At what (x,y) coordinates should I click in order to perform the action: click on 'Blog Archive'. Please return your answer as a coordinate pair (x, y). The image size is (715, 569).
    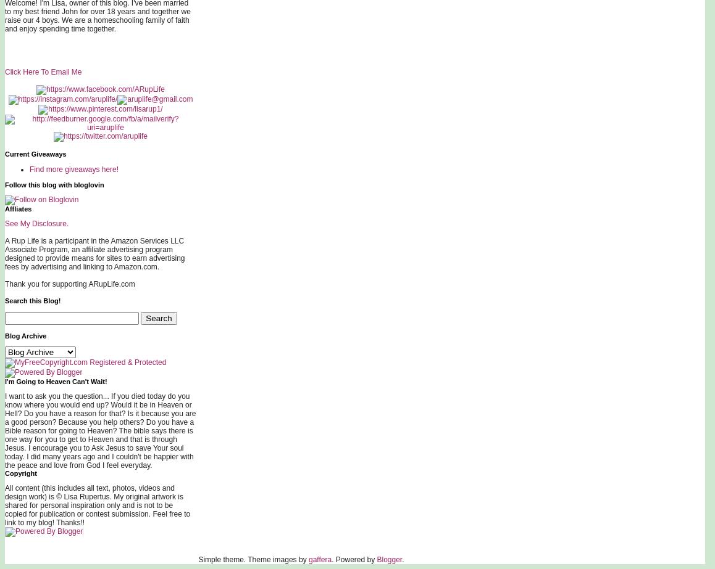
    Looking at the image, I should click on (25, 335).